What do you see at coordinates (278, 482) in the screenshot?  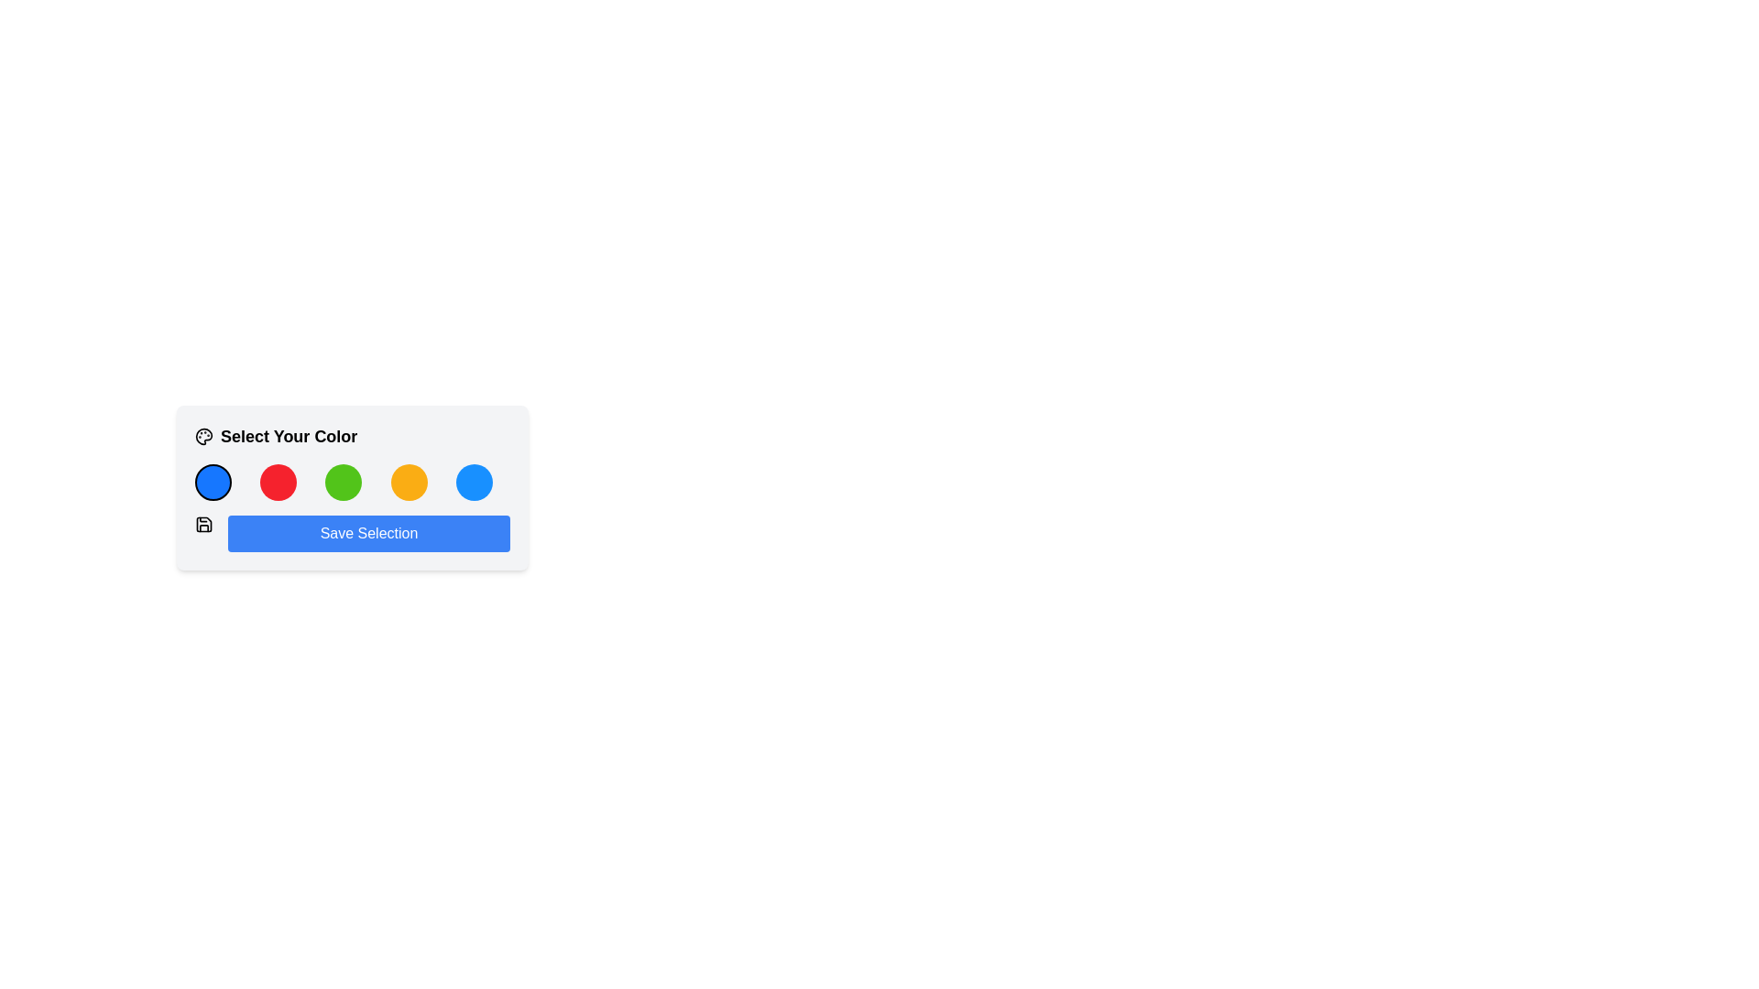 I see `the second circular selectable option from the left in the horizontal row` at bounding box center [278, 482].